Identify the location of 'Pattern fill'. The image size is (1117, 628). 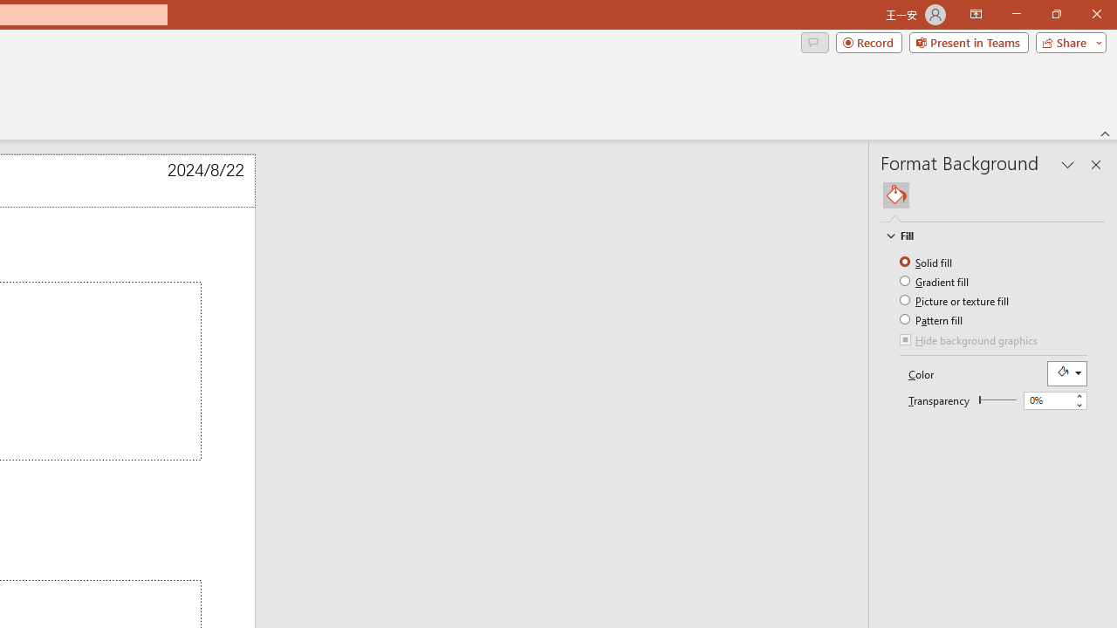
(931, 319).